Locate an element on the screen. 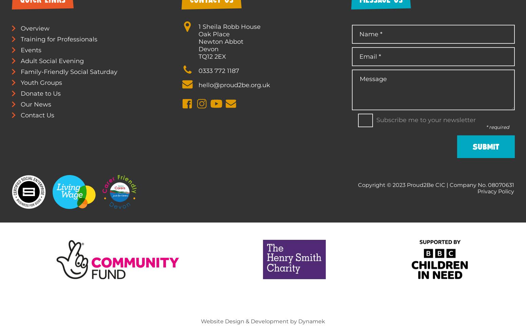 The image size is (526, 327). 'Family-Friendly Social Saturday' is located at coordinates (69, 72).